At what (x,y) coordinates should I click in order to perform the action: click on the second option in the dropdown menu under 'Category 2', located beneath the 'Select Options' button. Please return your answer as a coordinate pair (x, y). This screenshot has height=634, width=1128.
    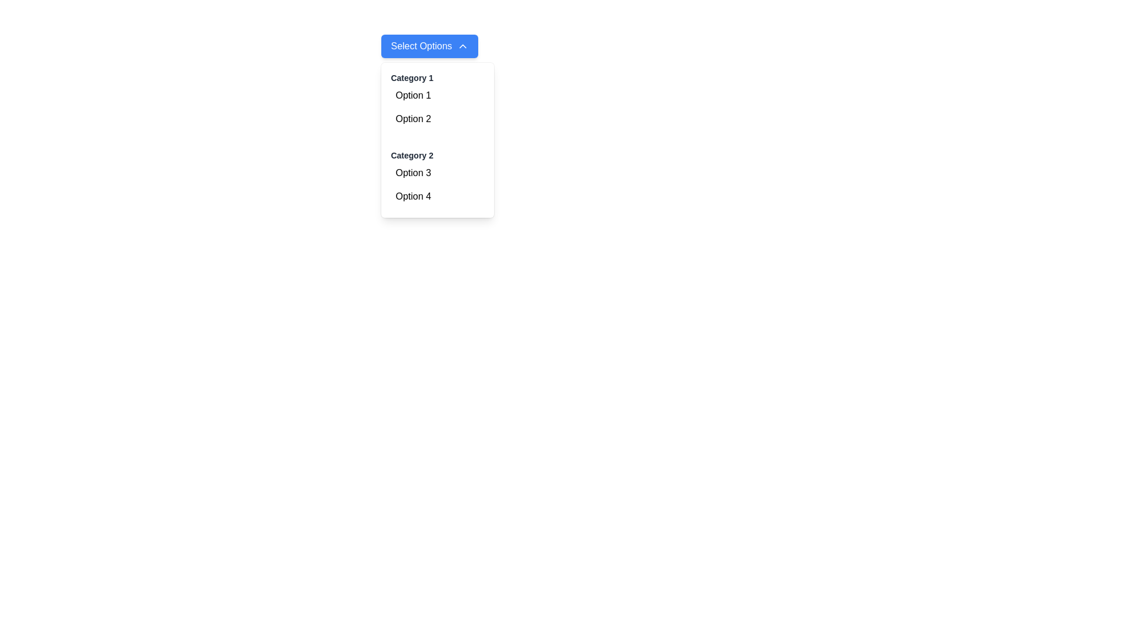
    Looking at the image, I should click on (437, 196).